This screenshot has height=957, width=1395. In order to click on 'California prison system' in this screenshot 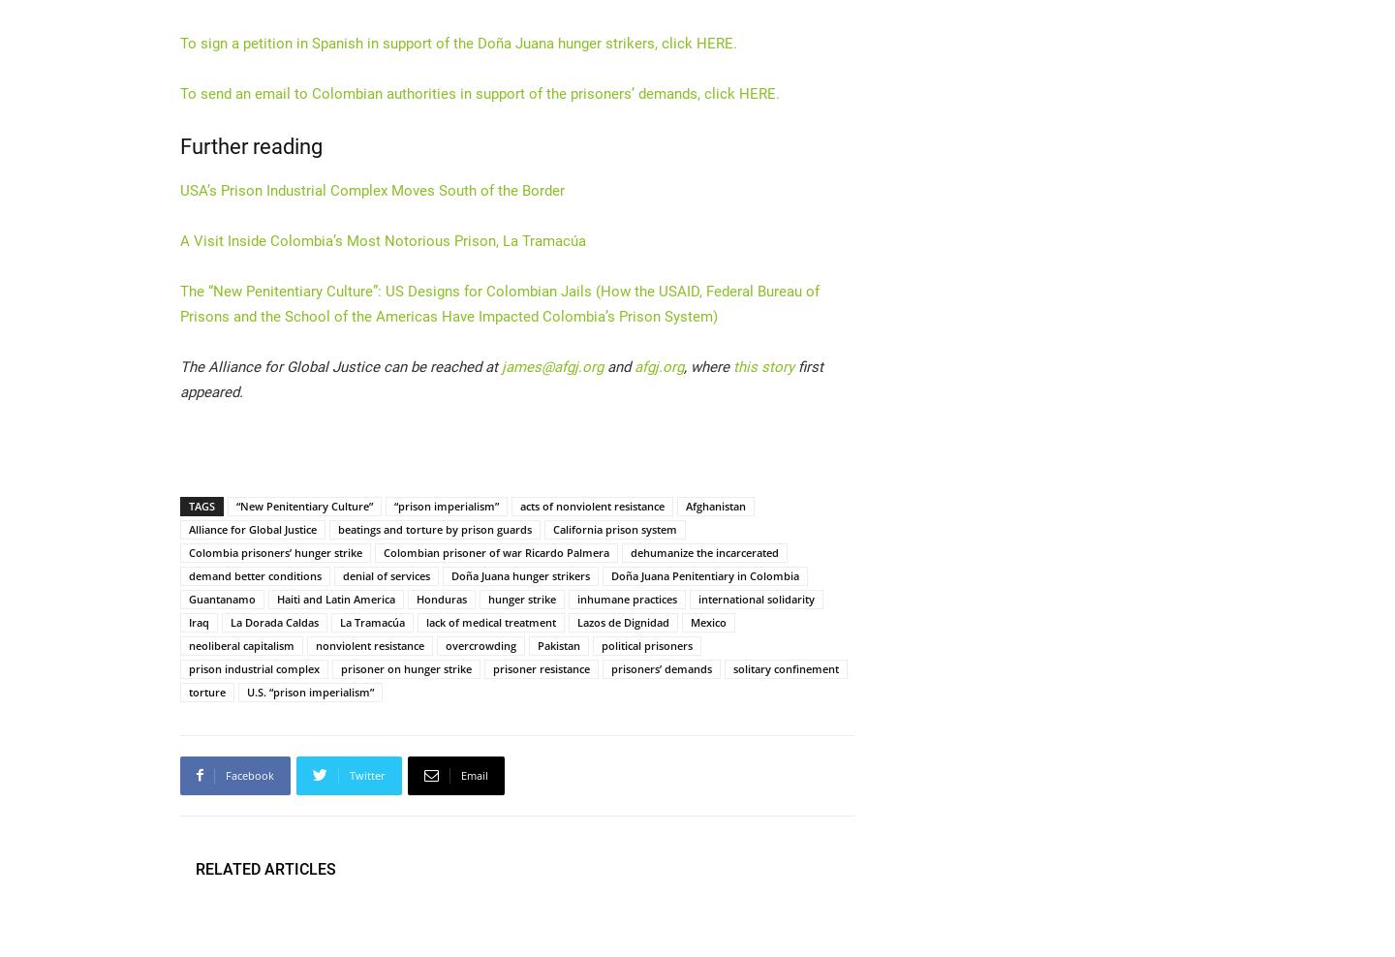, I will do `click(614, 527)`.